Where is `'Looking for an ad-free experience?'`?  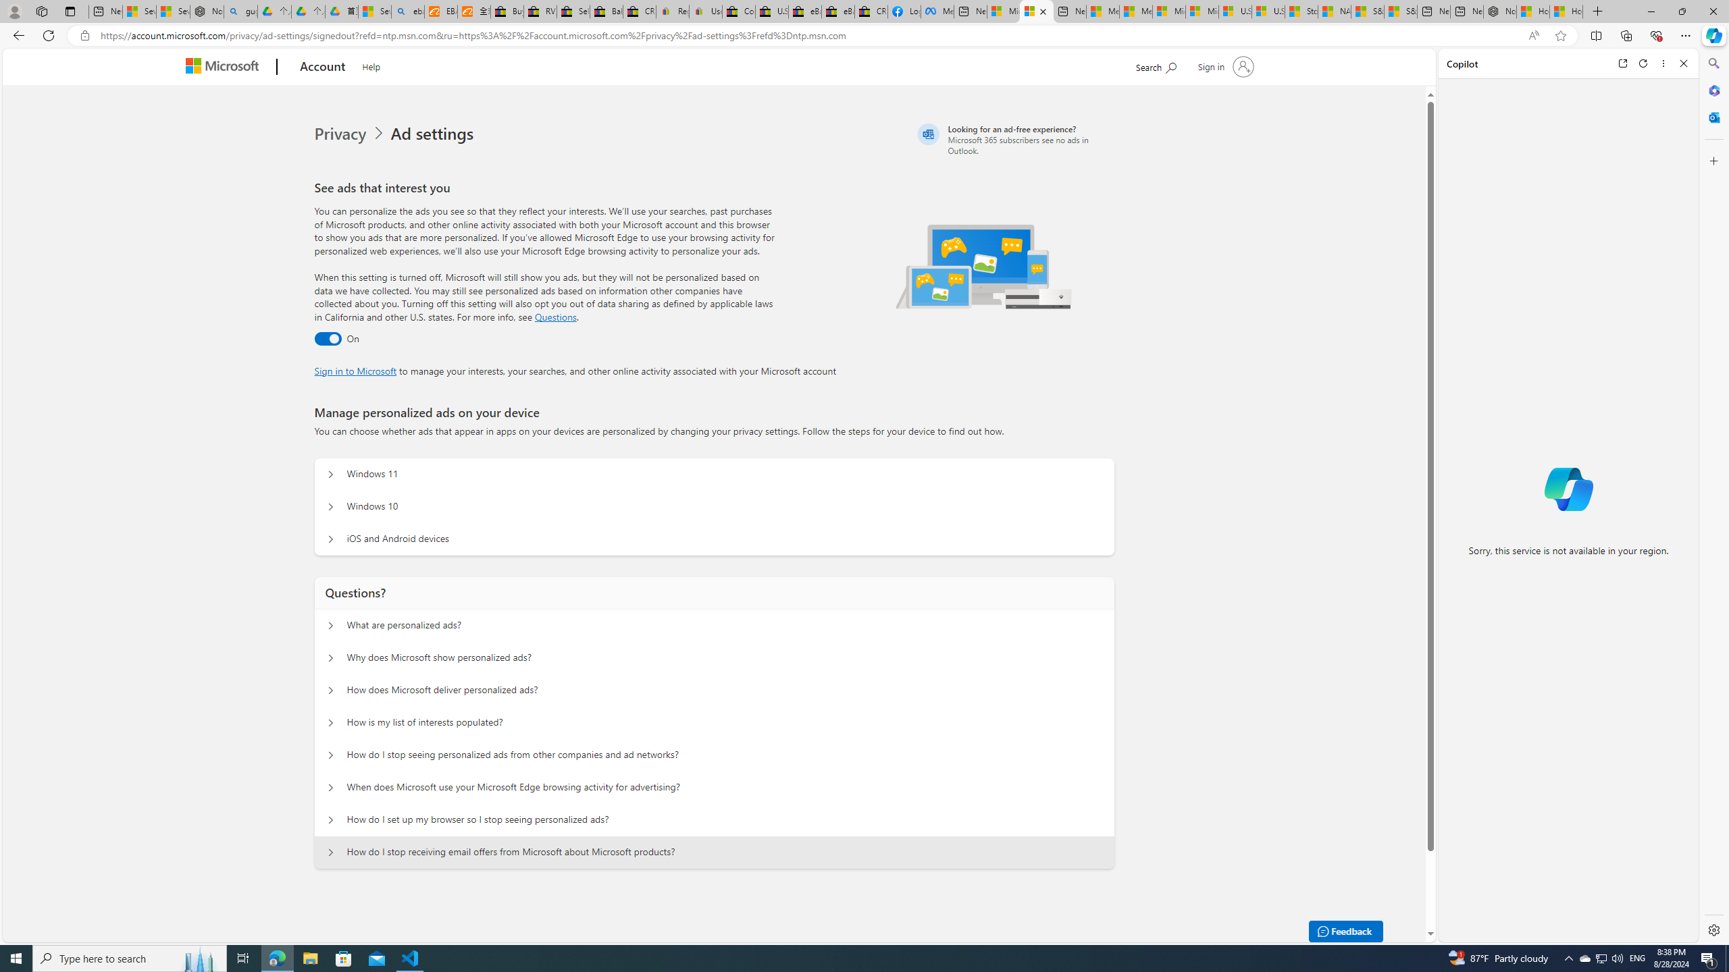 'Looking for an ad-free experience?' is located at coordinates (1014, 139).